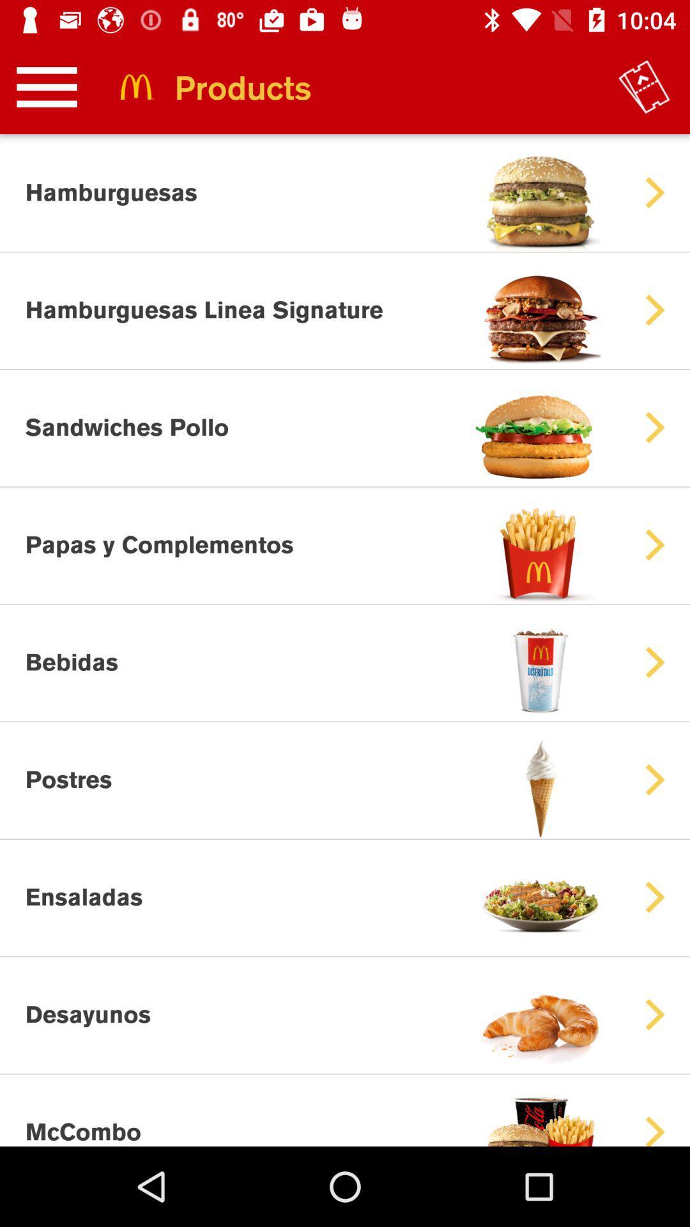  I want to click on app to the right of products app, so click(644, 86).